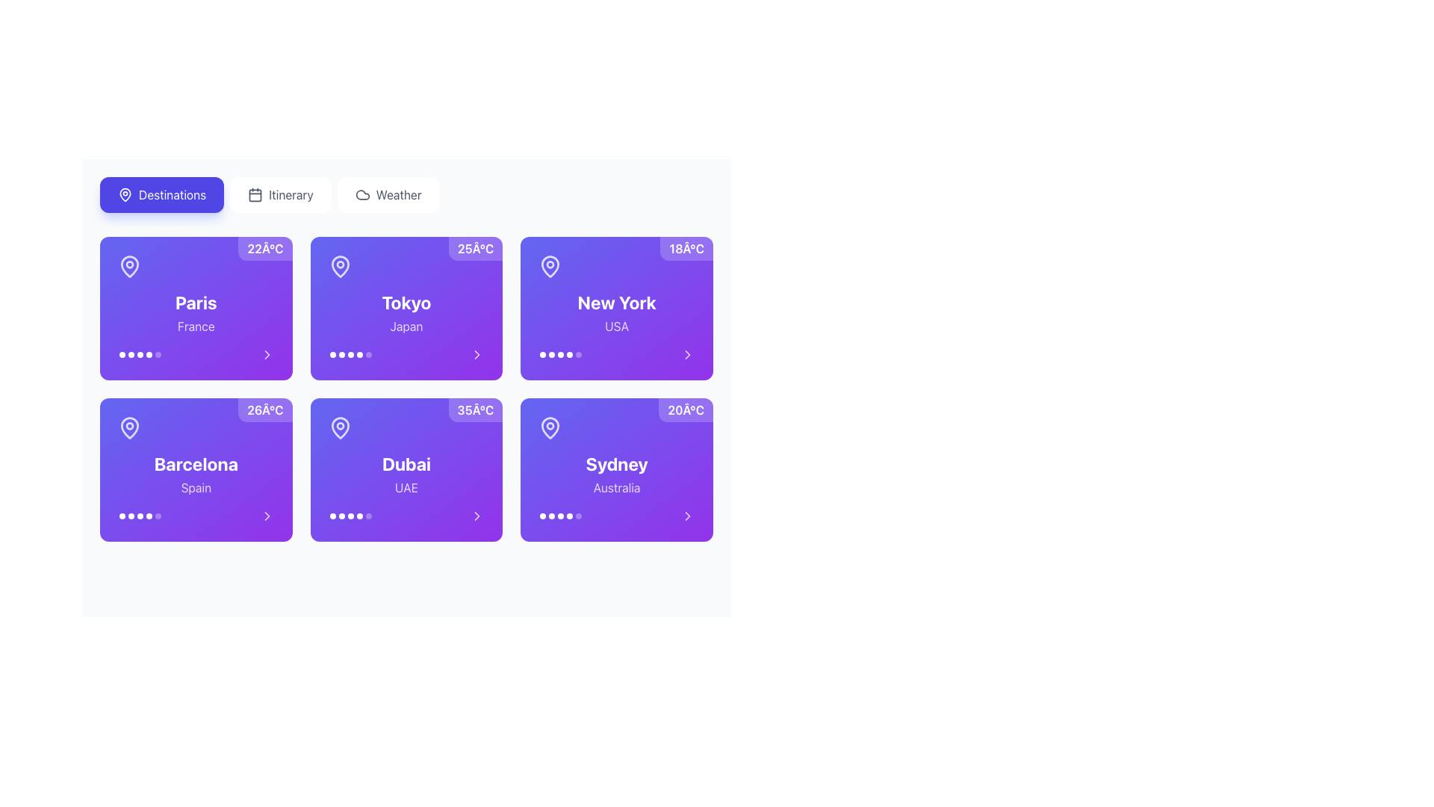 Image resolution: width=1434 pixels, height=807 pixels. Describe the element at coordinates (362, 194) in the screenshot. I see `the cloud icon representing cloud-related data, located at the top-right segment of the interface` at that location.